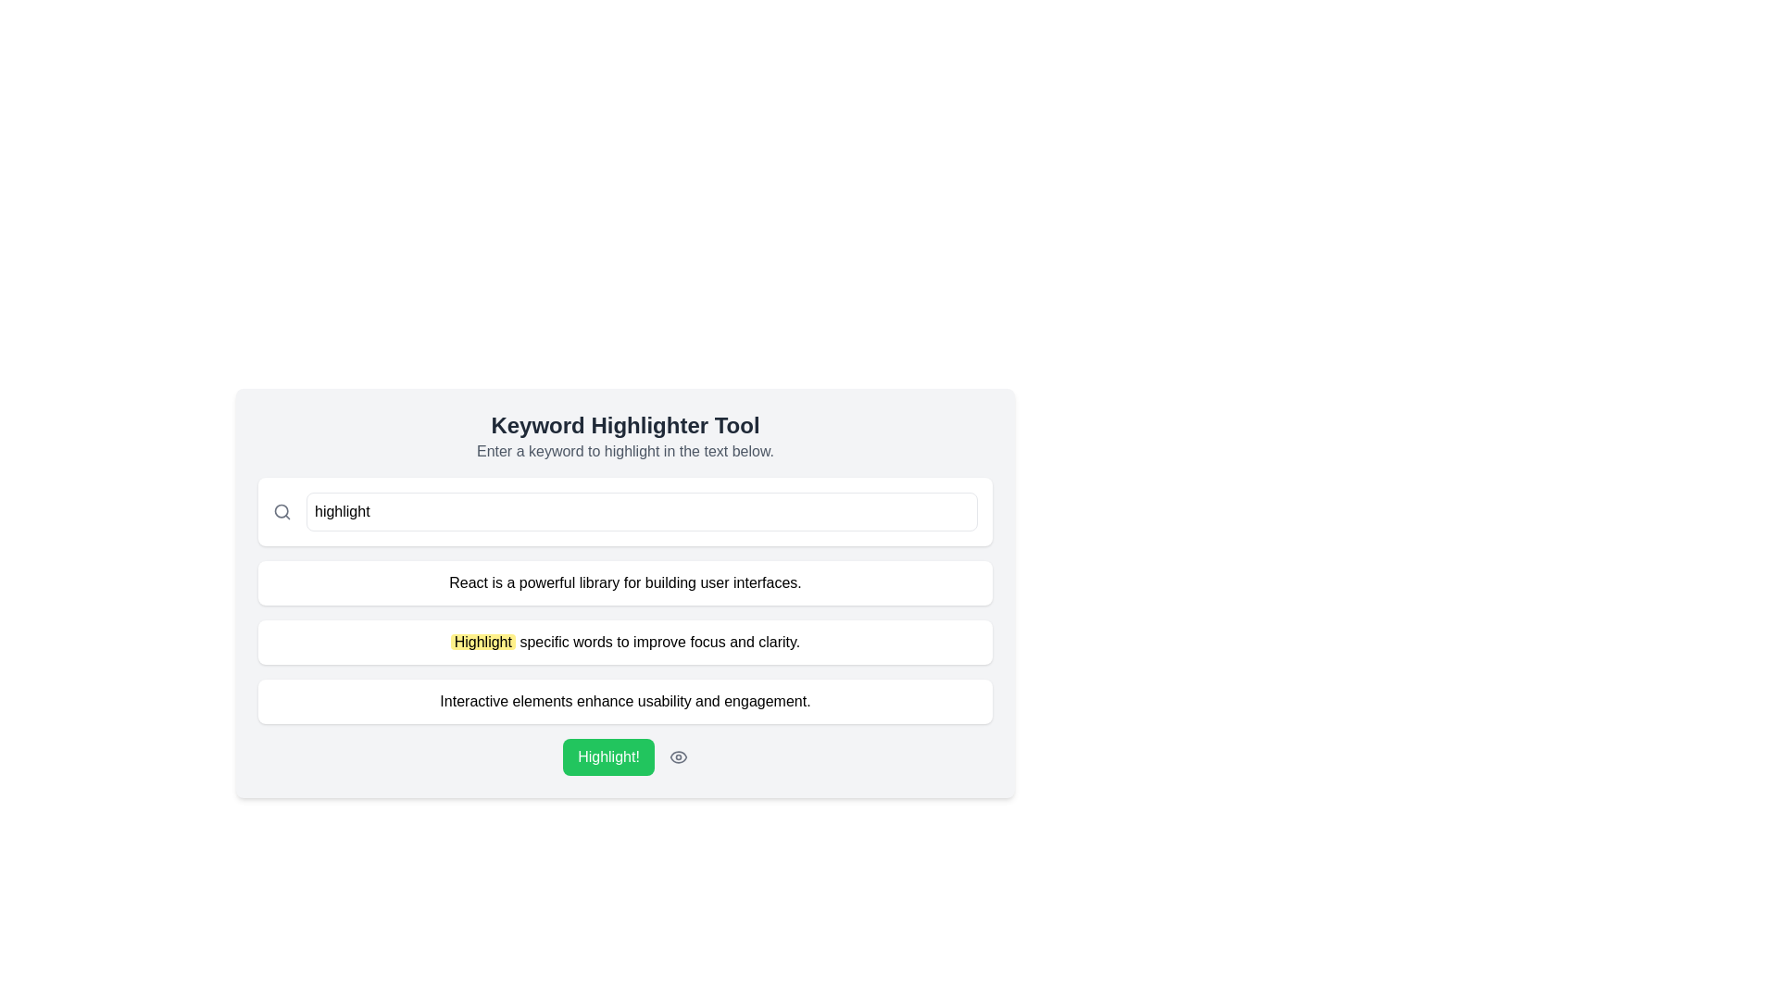 This screenshot has height=1000, width=1778. What do you see at coordinates (625, 642) in the screenshot?
I see `the second text block containing the paragraph 'Highlight specific words to improve focus and clarity.' which has a white background and rounded corners` at bounding box center [625, 642].